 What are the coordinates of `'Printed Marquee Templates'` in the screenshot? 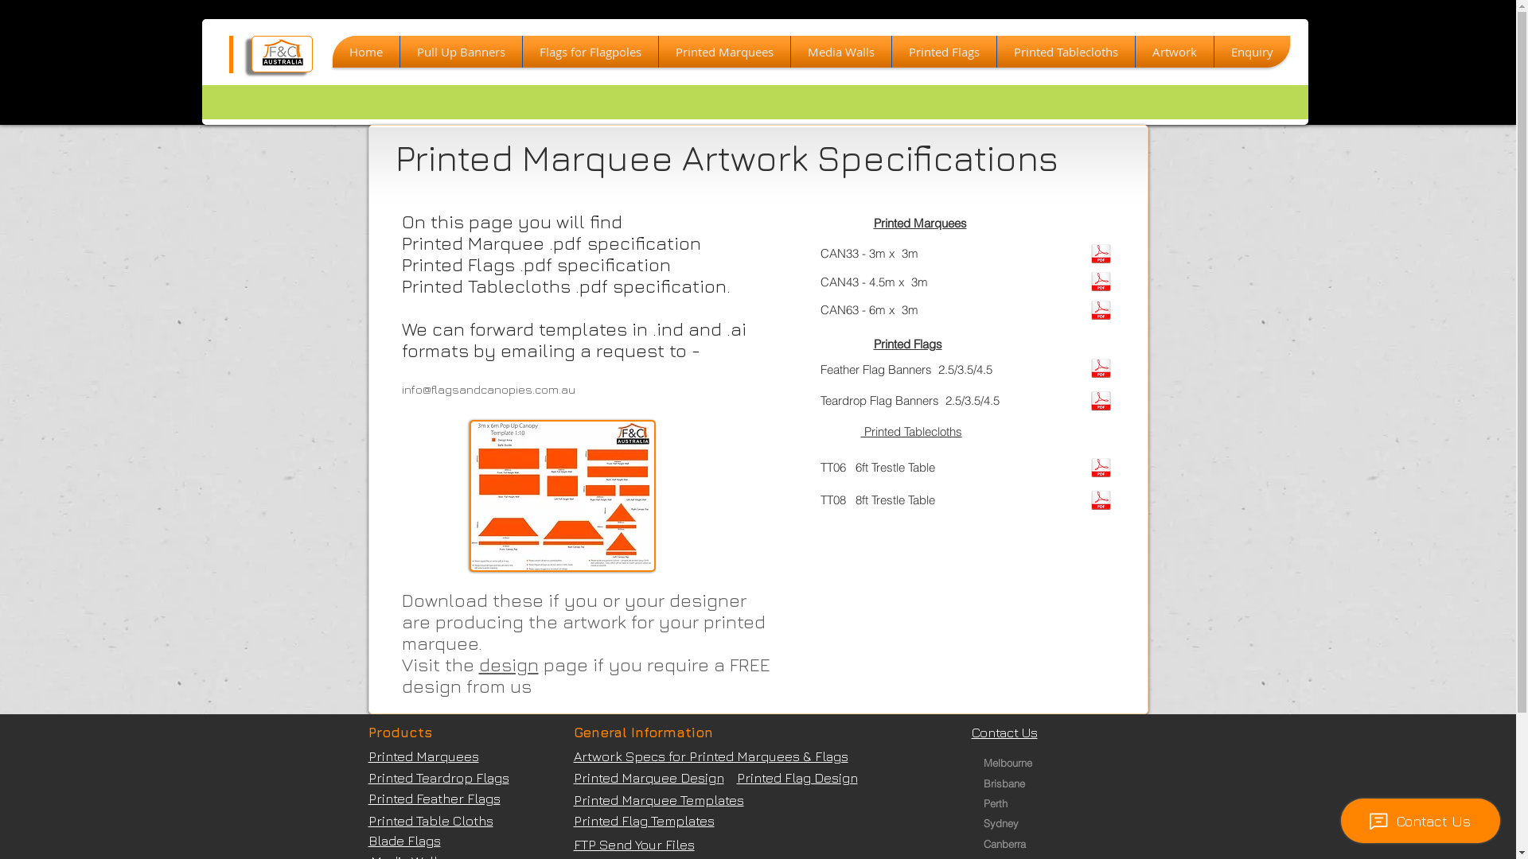 It's located at (657, 800).